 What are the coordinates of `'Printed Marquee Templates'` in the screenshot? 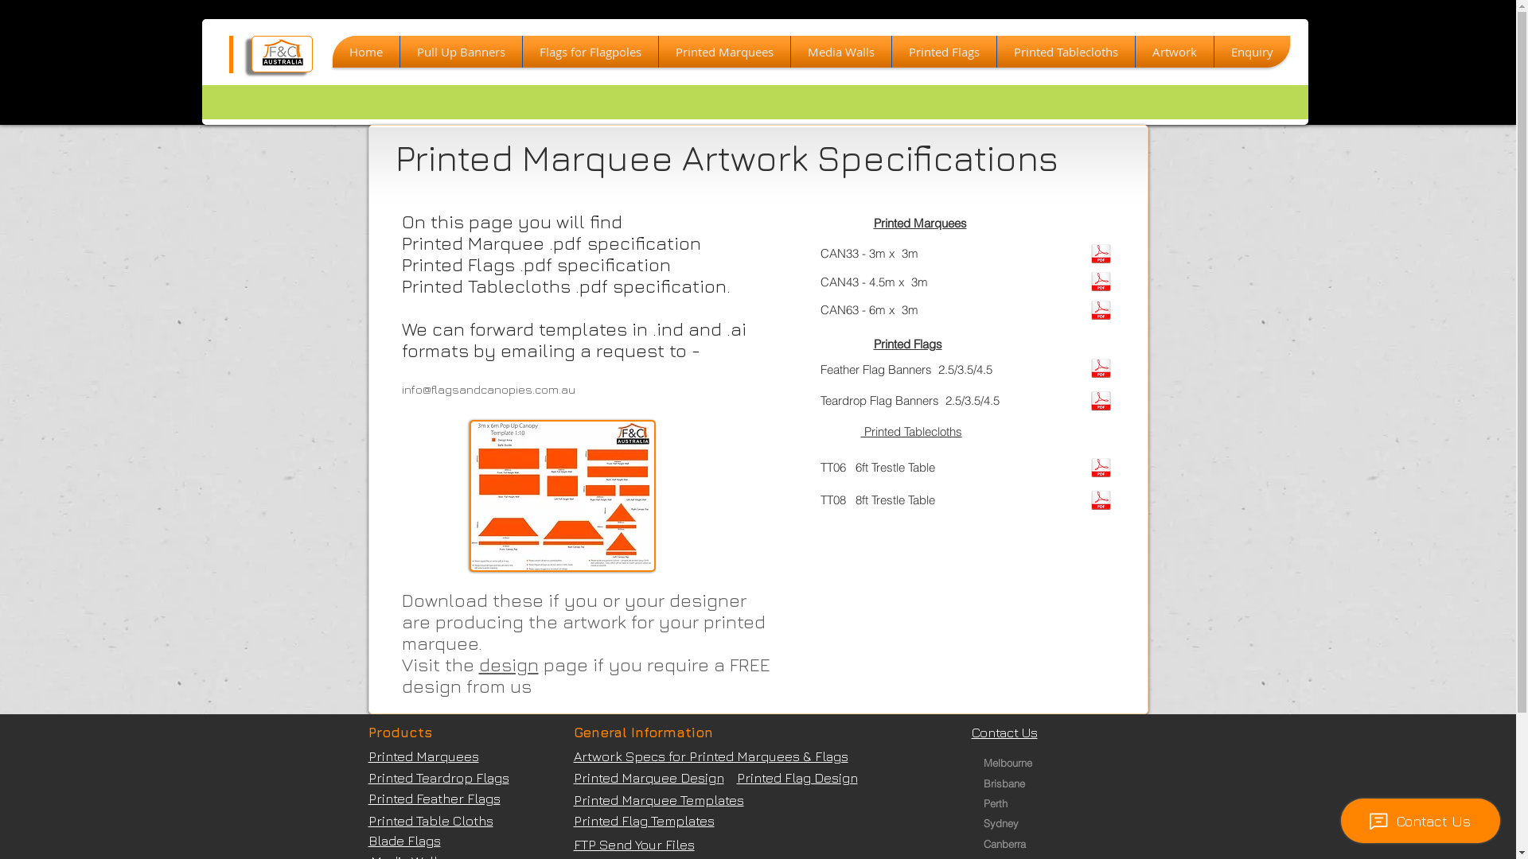 It's located at (657, 800).